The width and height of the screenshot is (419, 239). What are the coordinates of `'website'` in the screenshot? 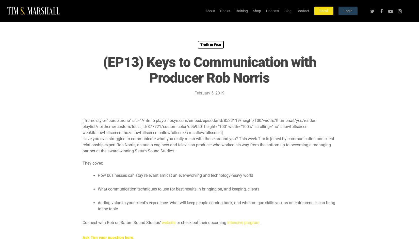 It's located at (168, 222).